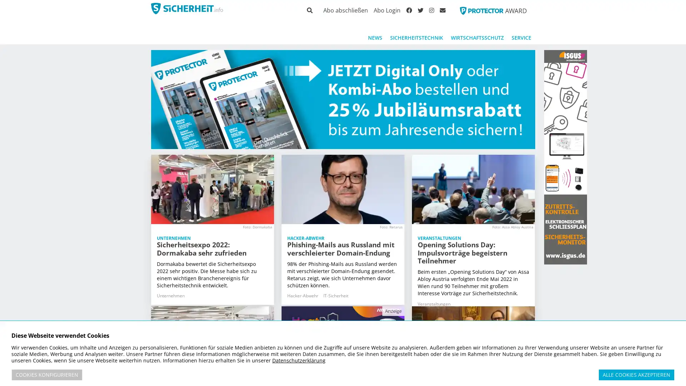 This screenshot has height=386, width=686. What do you see at coordinates (636, 375) in the screenshot?
I see `ALLE COOKIES AKZEPTIEREN` at bounding box center [636, 375].